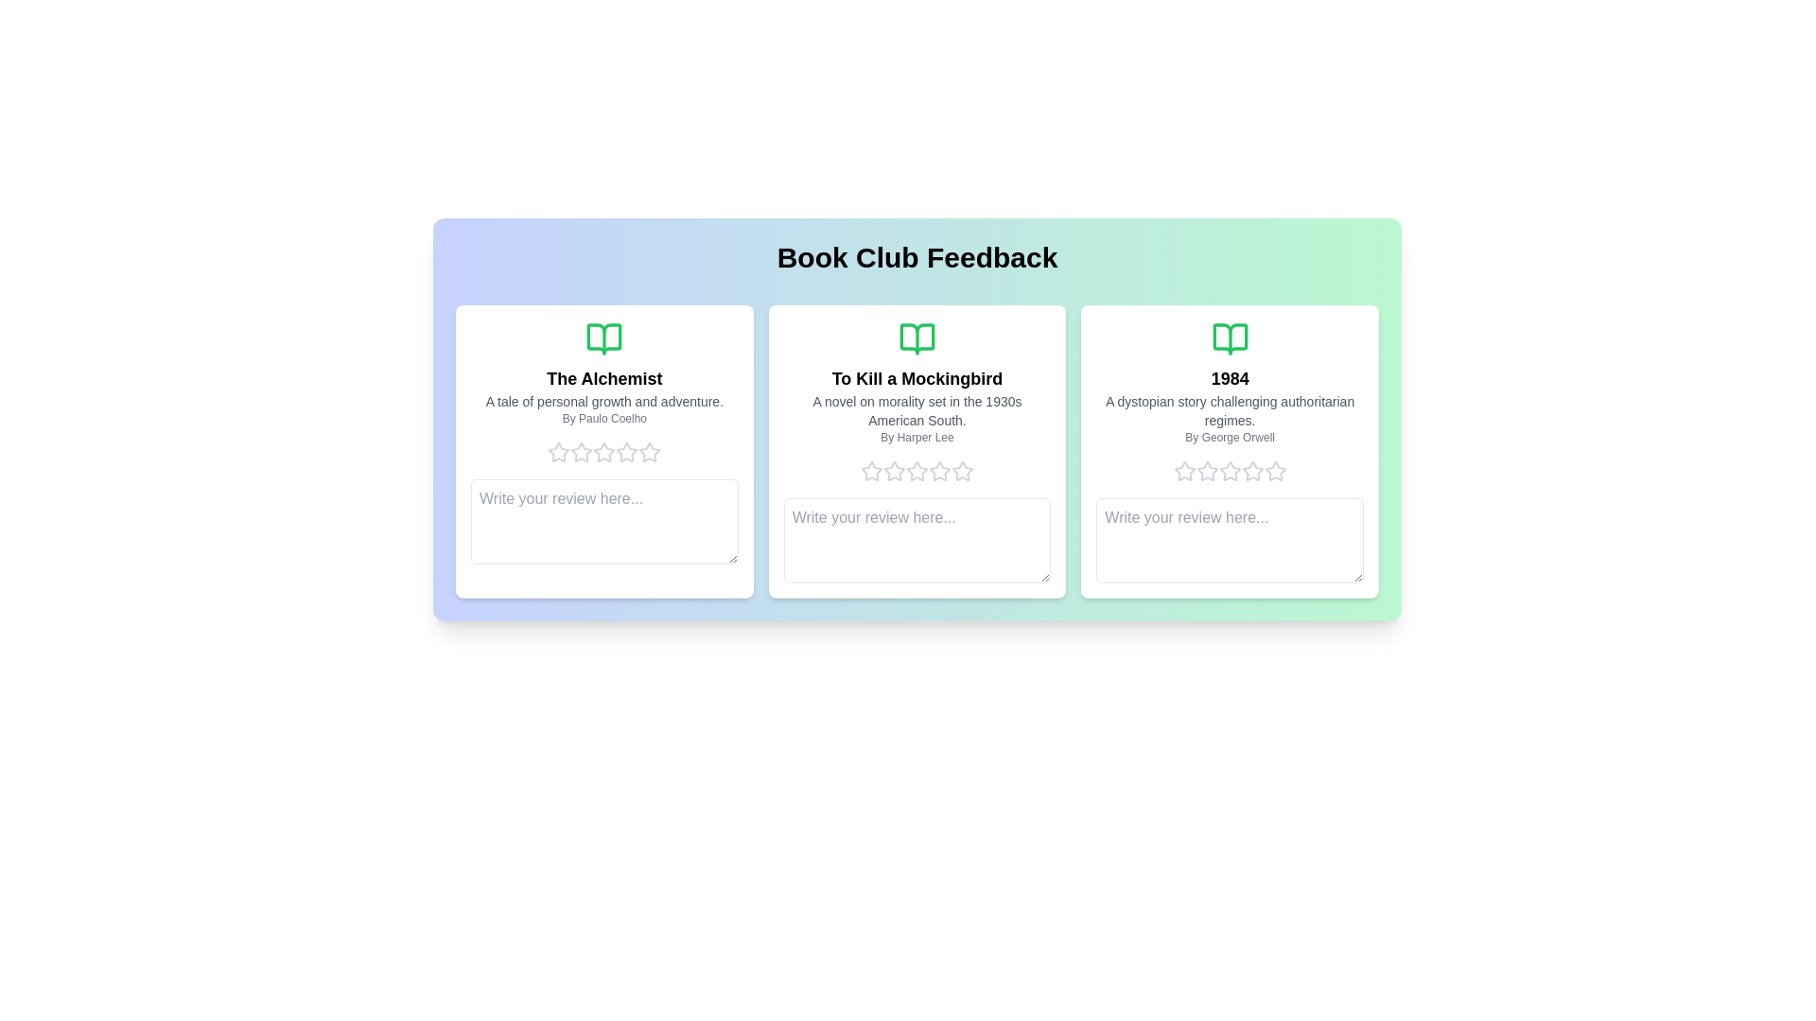 This screenshot has width=1816, height=1021. What do you see at coordinates (1230, 337) in the screenshot?
I see `the green open book icon located in the third card associated with the book '1984', positioned above the text '1984' and below the main heading 'Book Club Feedback'` at bounding box center [1230, 337].